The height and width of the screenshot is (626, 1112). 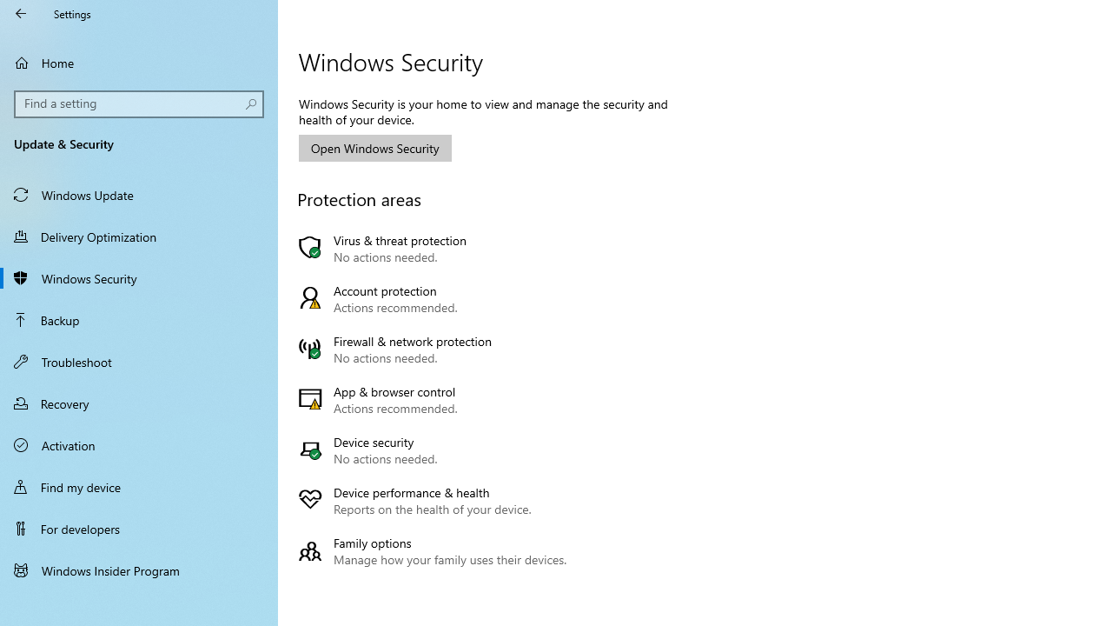 I want to click on 'Search box, Find a setting', so click(x=139, y=103).